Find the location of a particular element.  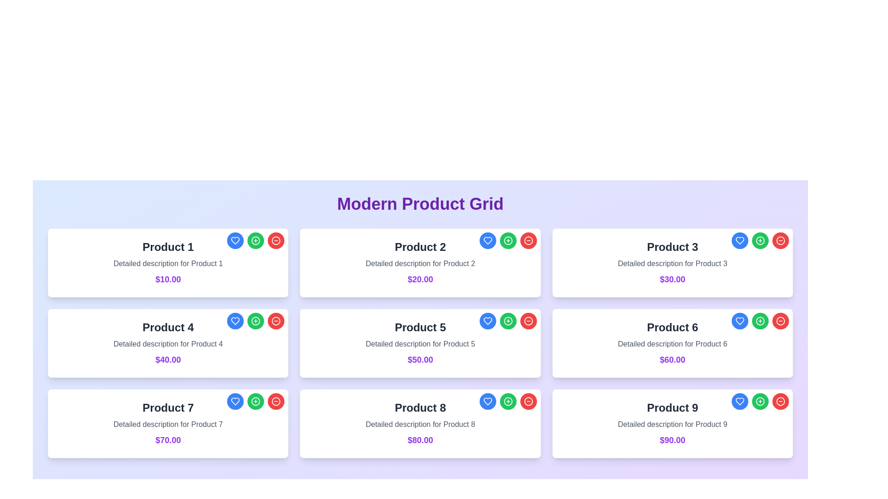

the text label displaying '$20.00' in bold purple font, located in the second card of the grid layout, below the 'Detailed description for Product 2' and above the action buttons is located at coordinates (419, 279).